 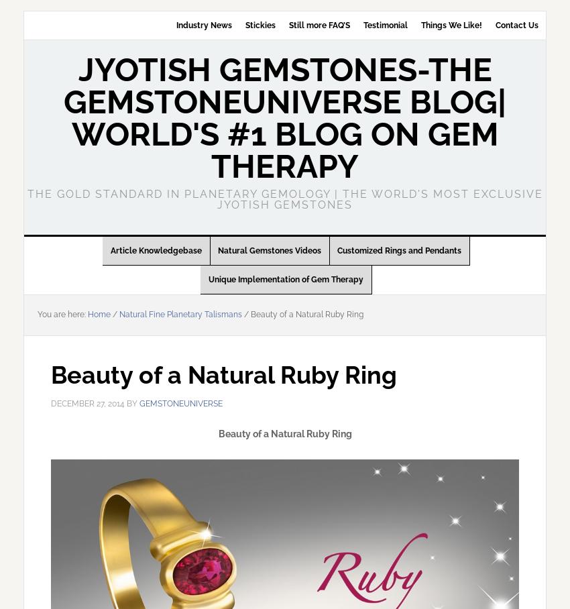 What do you see at coordinates (420, 25) in the screenshot?
I see `'Things We Like!'` at bounding box center [420, 25].